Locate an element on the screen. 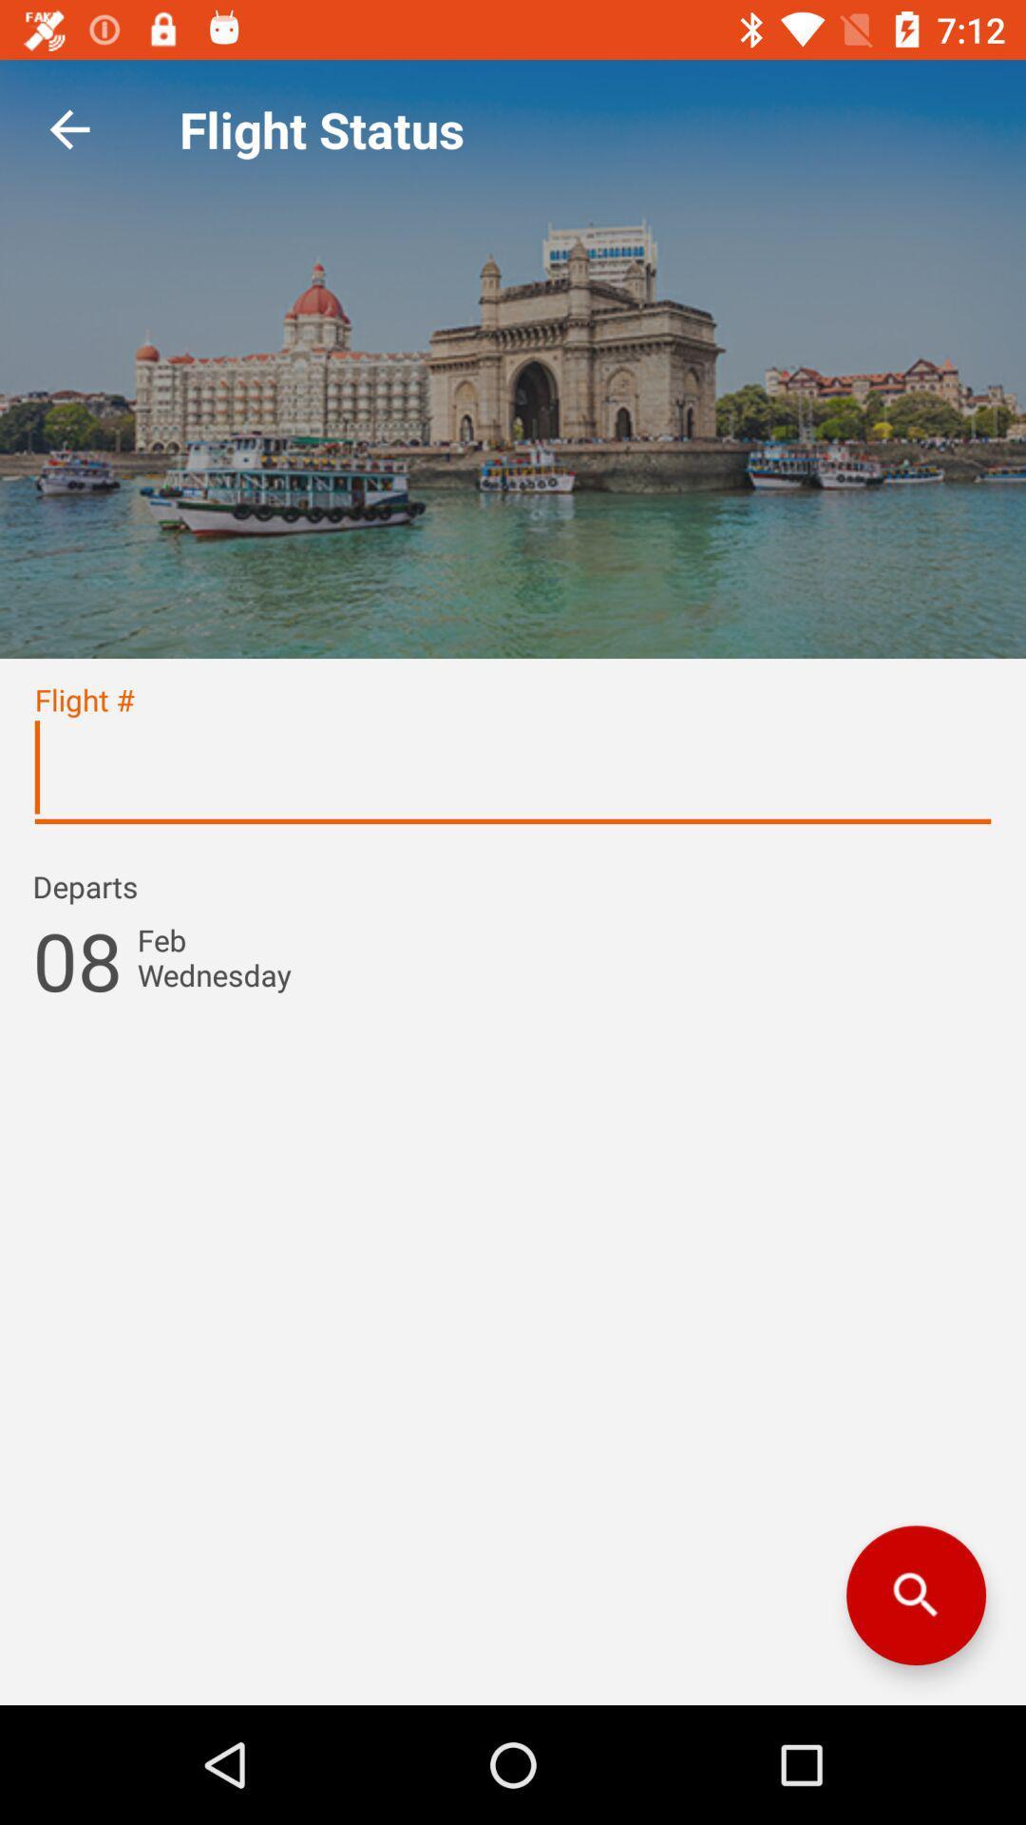  the search icon is located at coordinates (915, 1595).